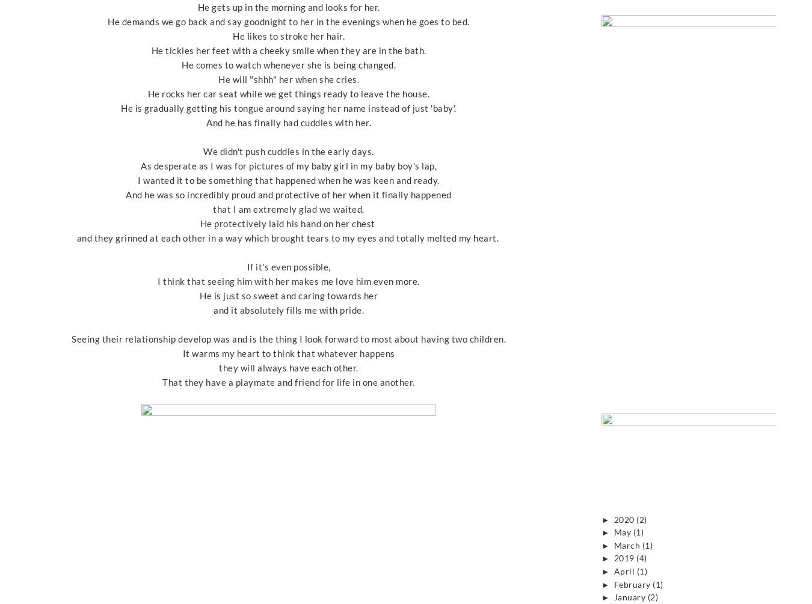 This screenshot has height=604, width=812. Describe the element at coordinates (624, 570) in the screenshot. I see `'April'` at that location.